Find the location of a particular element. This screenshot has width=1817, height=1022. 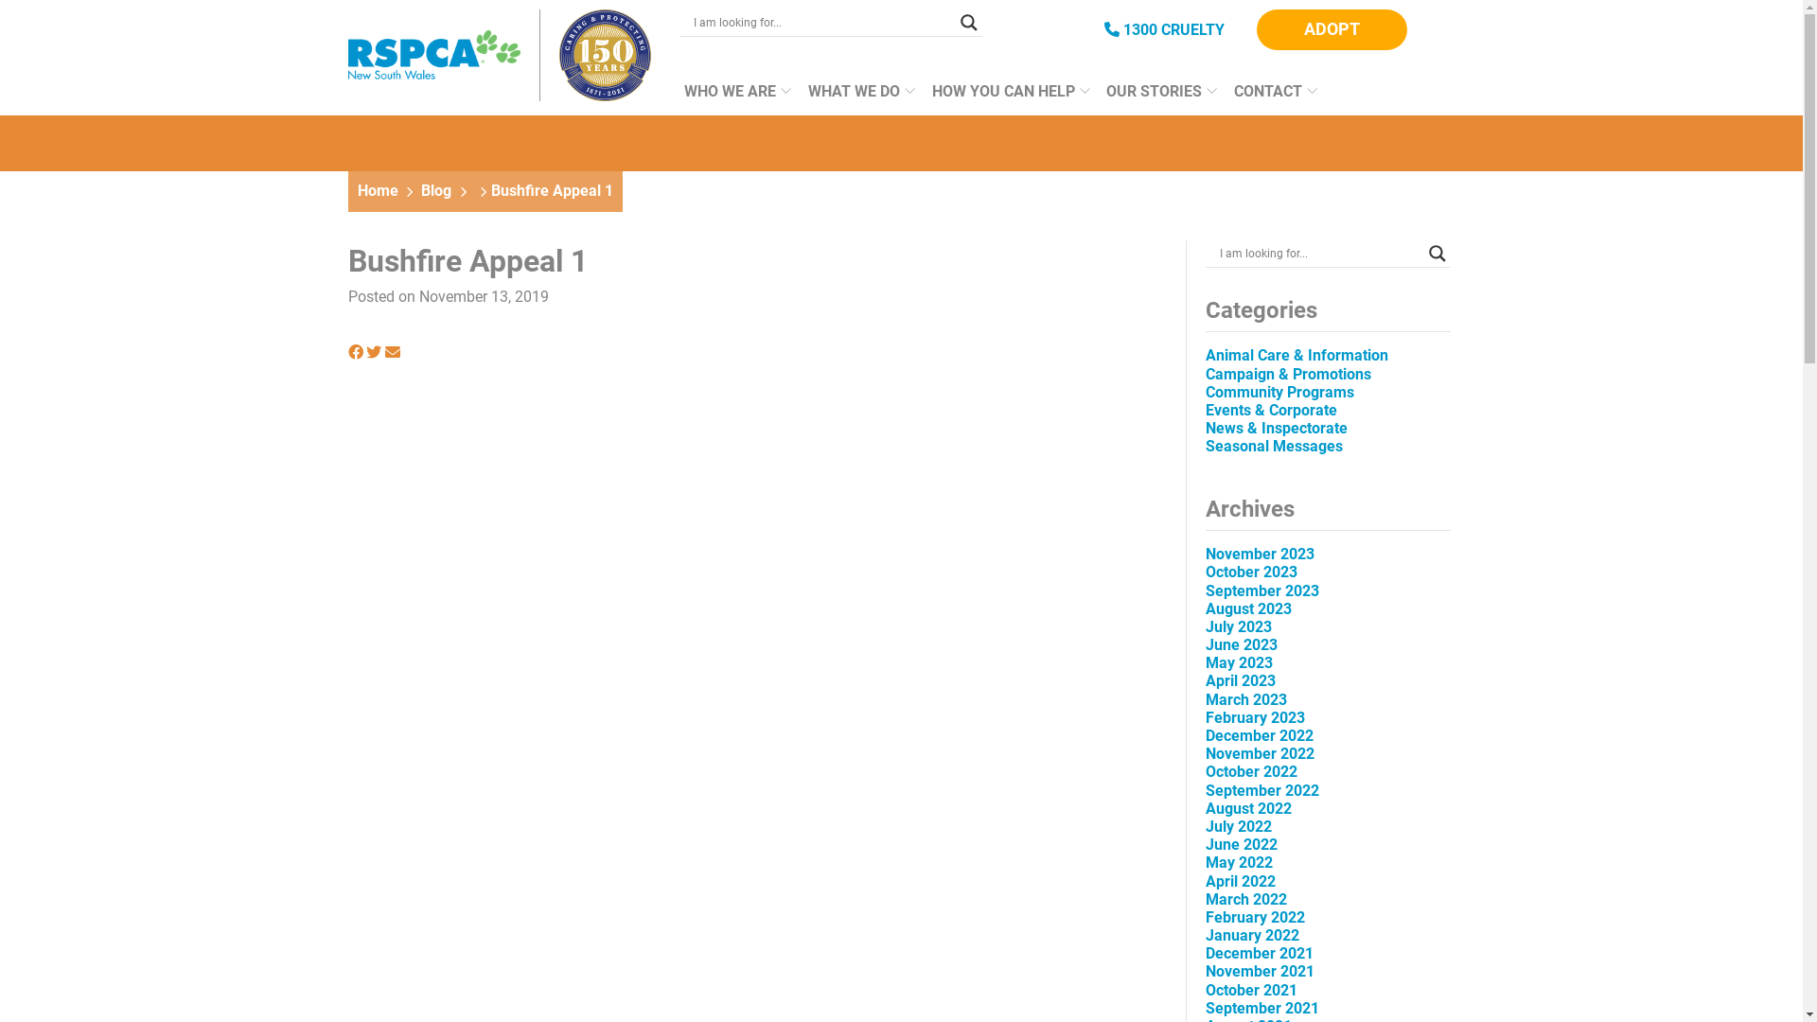

'July 2022' is located at coordinates (1239, 825).